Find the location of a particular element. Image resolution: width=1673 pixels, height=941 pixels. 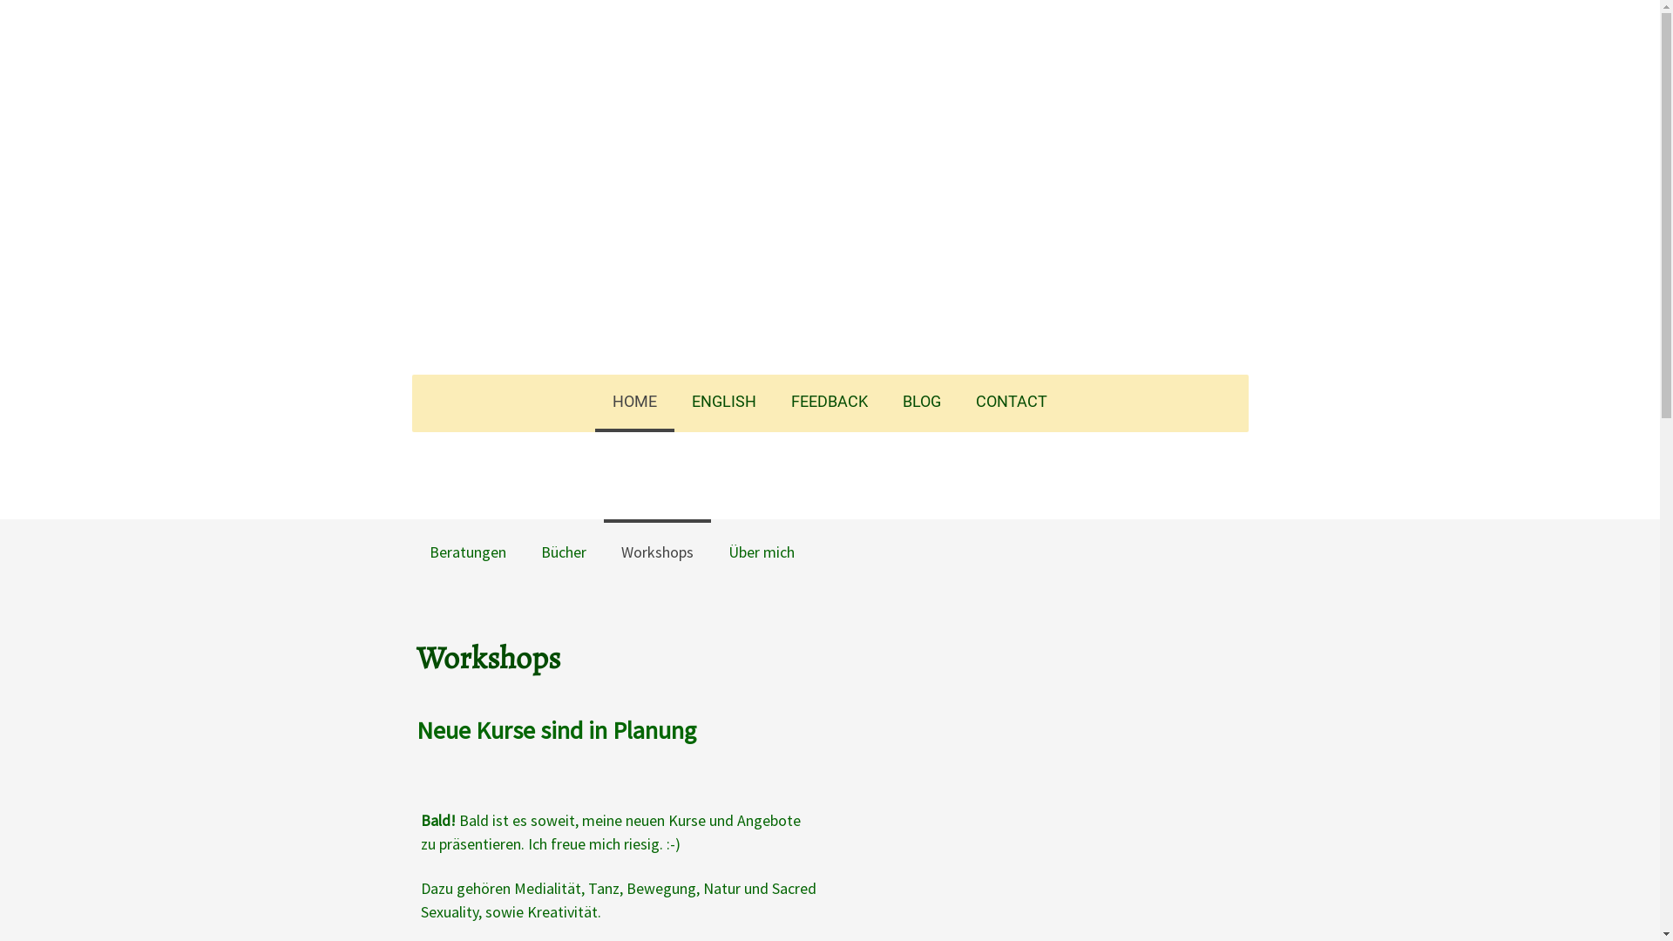

'HOME' is located at coordinates (633, 403).